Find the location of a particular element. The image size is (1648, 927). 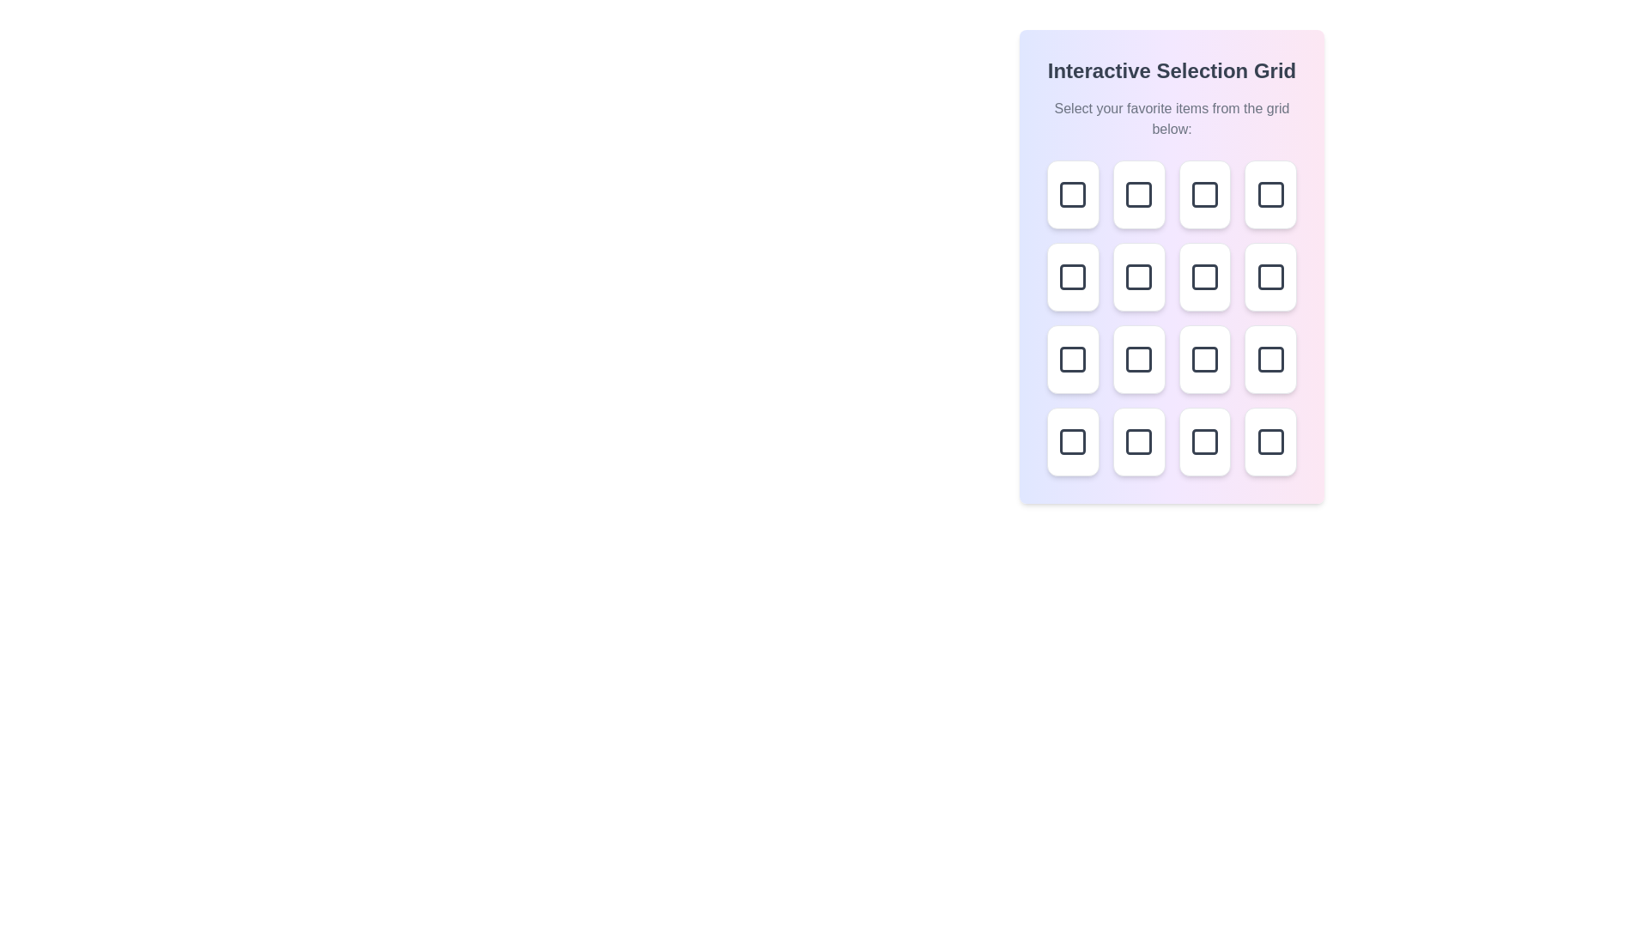

the grid cell within the 'Interactive Selection Grid' is located at coordinates (1171, 318).